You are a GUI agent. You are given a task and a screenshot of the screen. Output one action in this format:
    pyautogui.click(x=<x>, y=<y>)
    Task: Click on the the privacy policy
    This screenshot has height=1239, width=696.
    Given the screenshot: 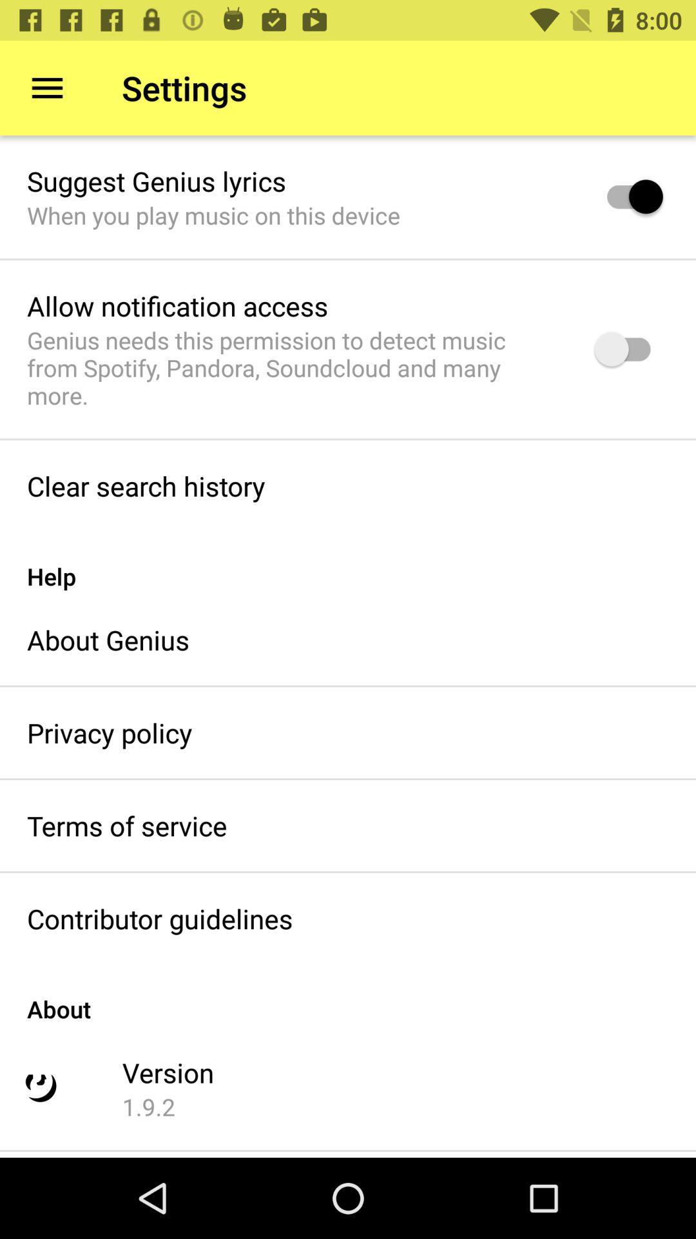 What is the action you would take?
    pyautogui.click(x=109, y=732)
    